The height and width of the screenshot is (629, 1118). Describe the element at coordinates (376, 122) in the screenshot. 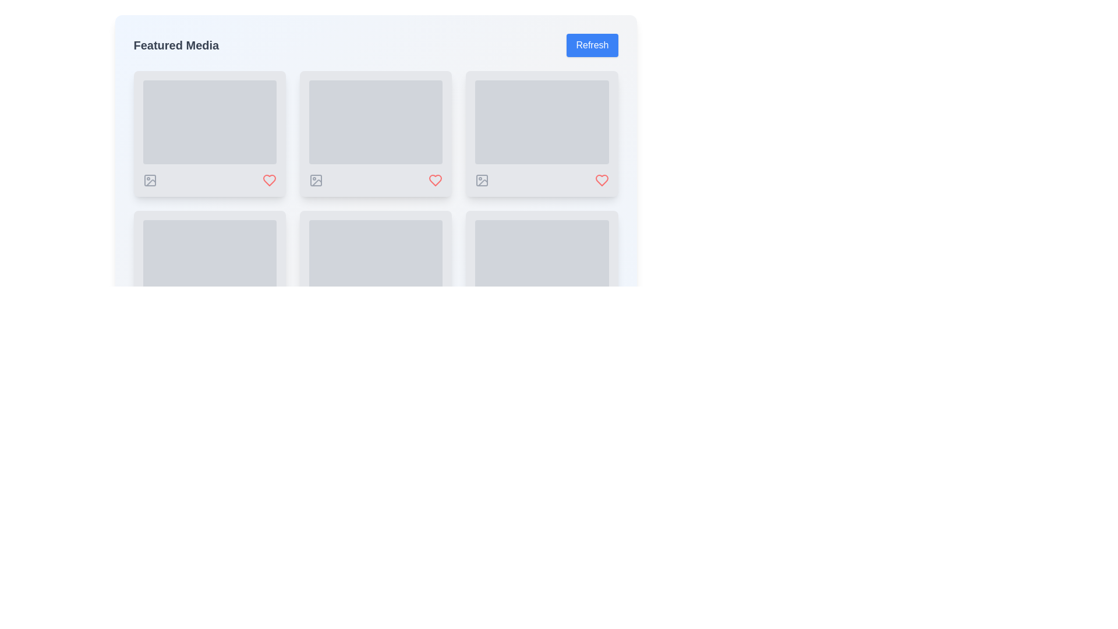

I see `the Placeholder or frame component that serves as a decorative frame and loading state indicator, located in the second column of the first row in a grid layout` at that location.